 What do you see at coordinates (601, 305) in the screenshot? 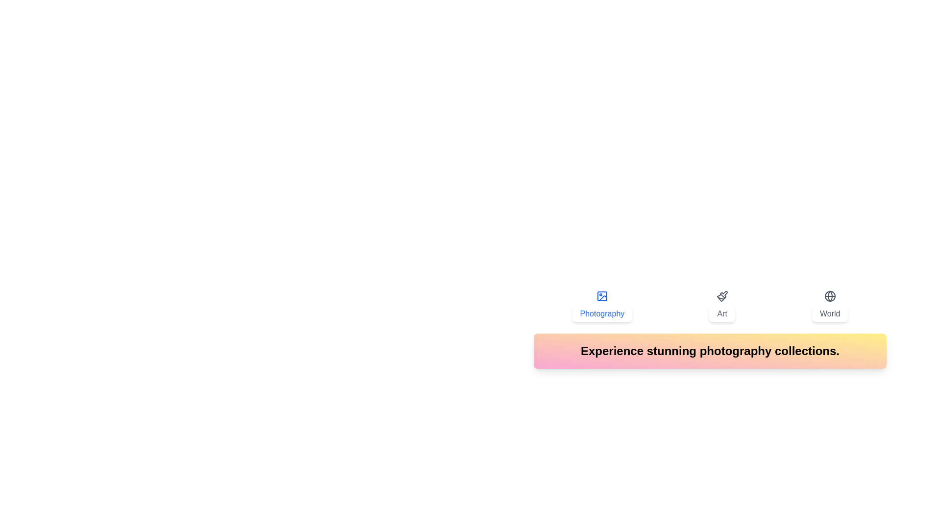
I see `the Photography tab to activate it` at bounding box center [601, 305].